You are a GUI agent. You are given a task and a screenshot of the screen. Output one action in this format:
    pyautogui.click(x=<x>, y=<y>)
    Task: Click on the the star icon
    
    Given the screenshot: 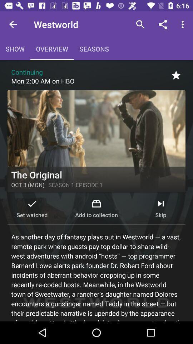 What is the action you would take?
    pyautogui.click(x=175, y=75)
    